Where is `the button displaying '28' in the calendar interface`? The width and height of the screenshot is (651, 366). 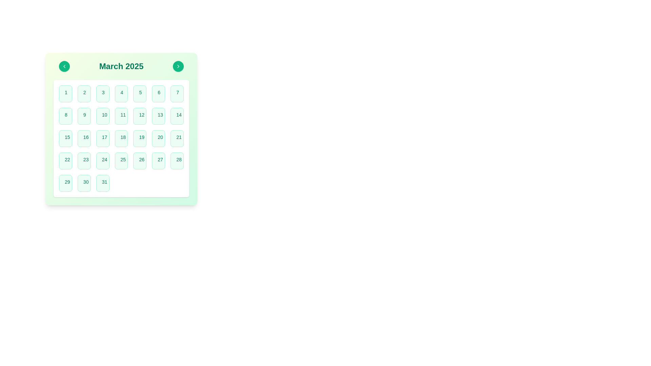 the button displaying '28' in the calendar interface is located at coordinates (177, 161).